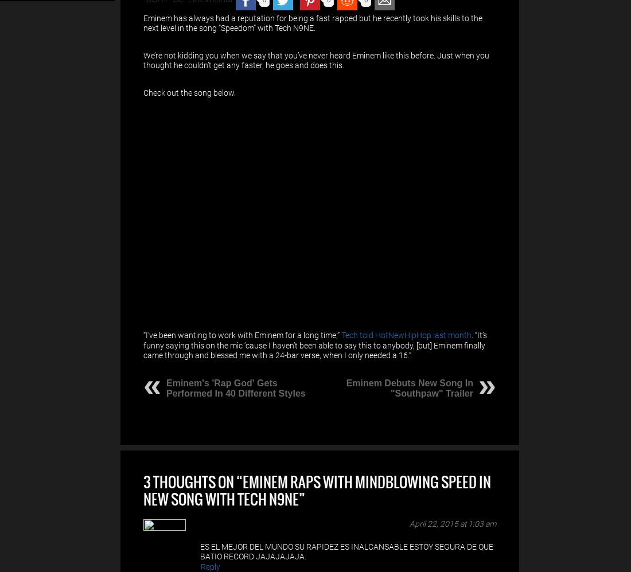  Describe the element at coordinates (409, 523) in the screenshot. I see `'April 22, 2015 at 1:03 am'` at that location.